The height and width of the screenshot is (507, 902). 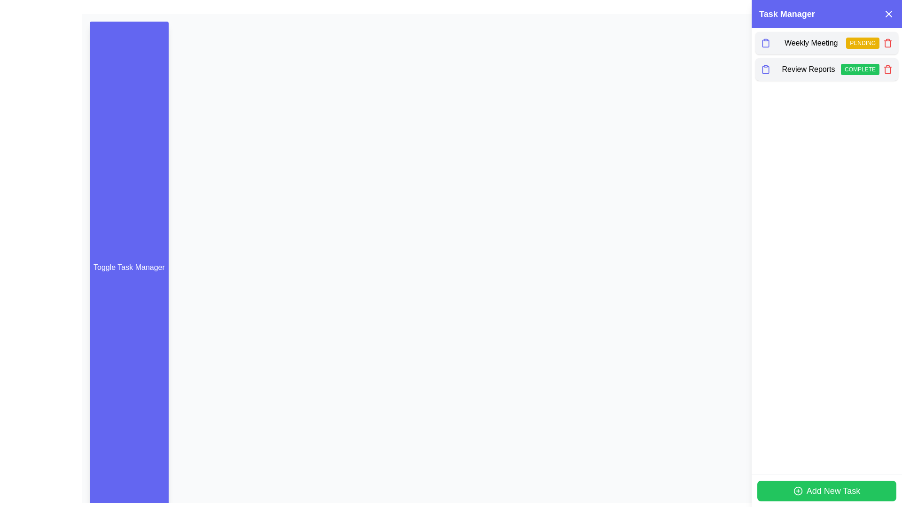 I want to click on the task labeled 'Weekly Meeting' in the task management interface, which is currently marked as 'PENDING', so click(x=827, y=43).